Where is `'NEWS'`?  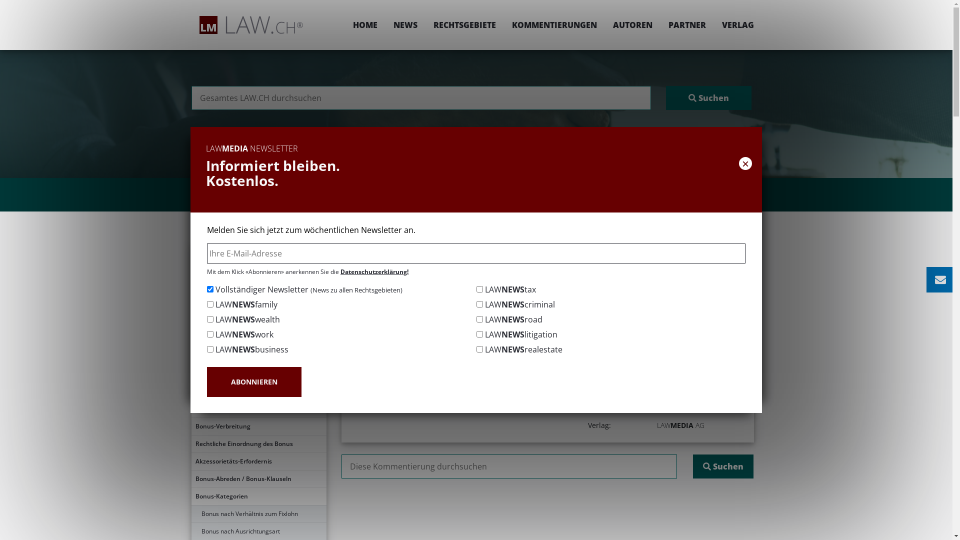 'NEWS' is located at coordinates (405, 24).